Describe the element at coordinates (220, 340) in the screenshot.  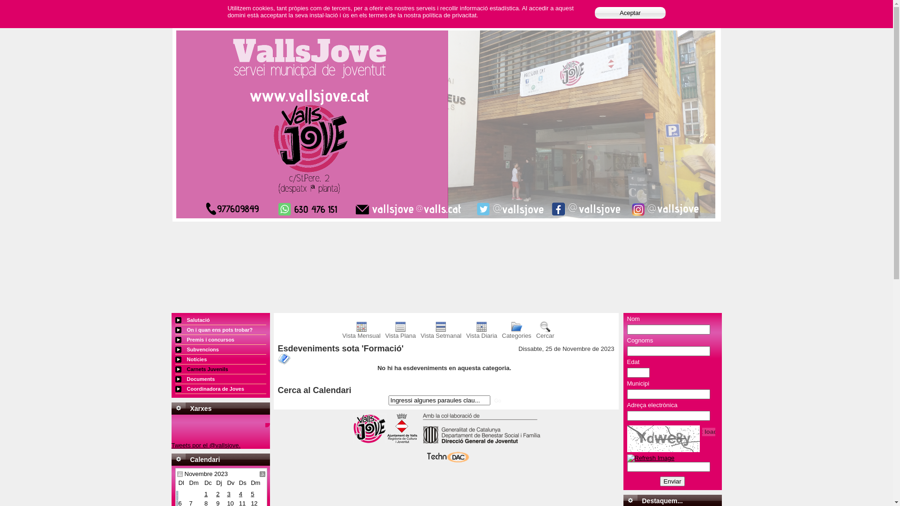
I see `'Premis i concursos'` at that location.